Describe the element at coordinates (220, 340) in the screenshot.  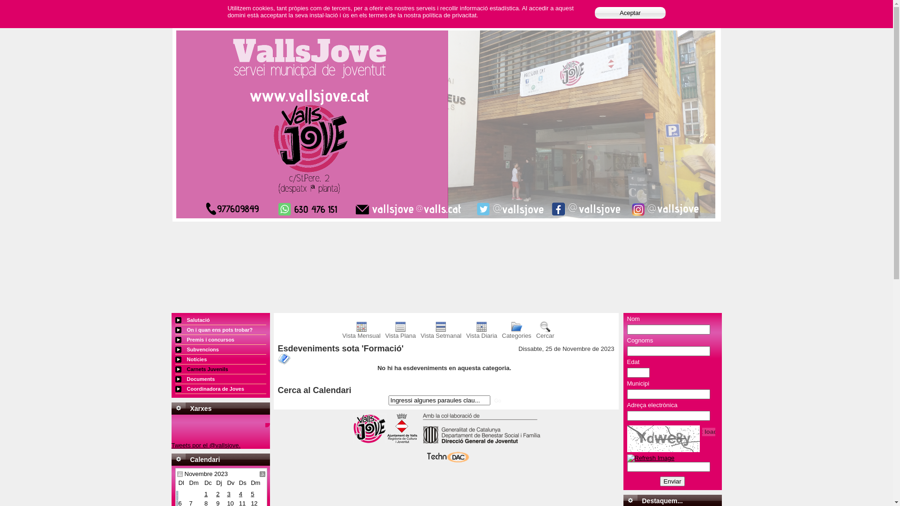
I see `'Premis i concursos'` at that location.